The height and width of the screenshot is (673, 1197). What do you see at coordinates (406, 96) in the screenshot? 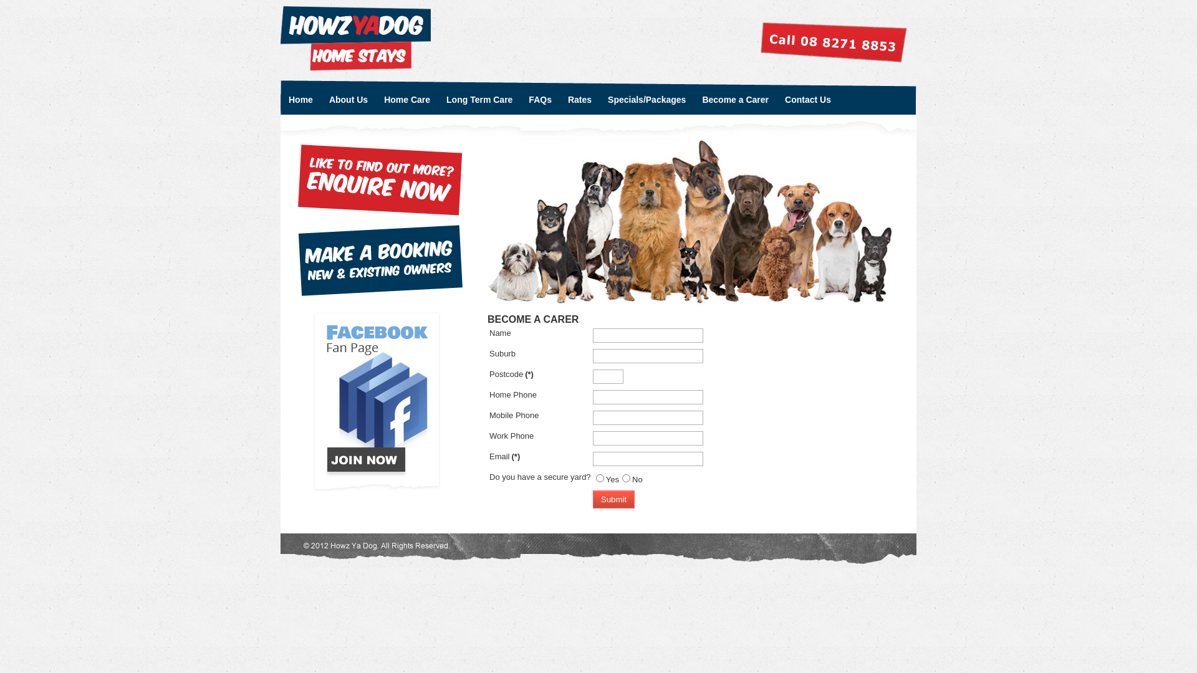
I see `'Home Care'` at bounding box center [406, 96].